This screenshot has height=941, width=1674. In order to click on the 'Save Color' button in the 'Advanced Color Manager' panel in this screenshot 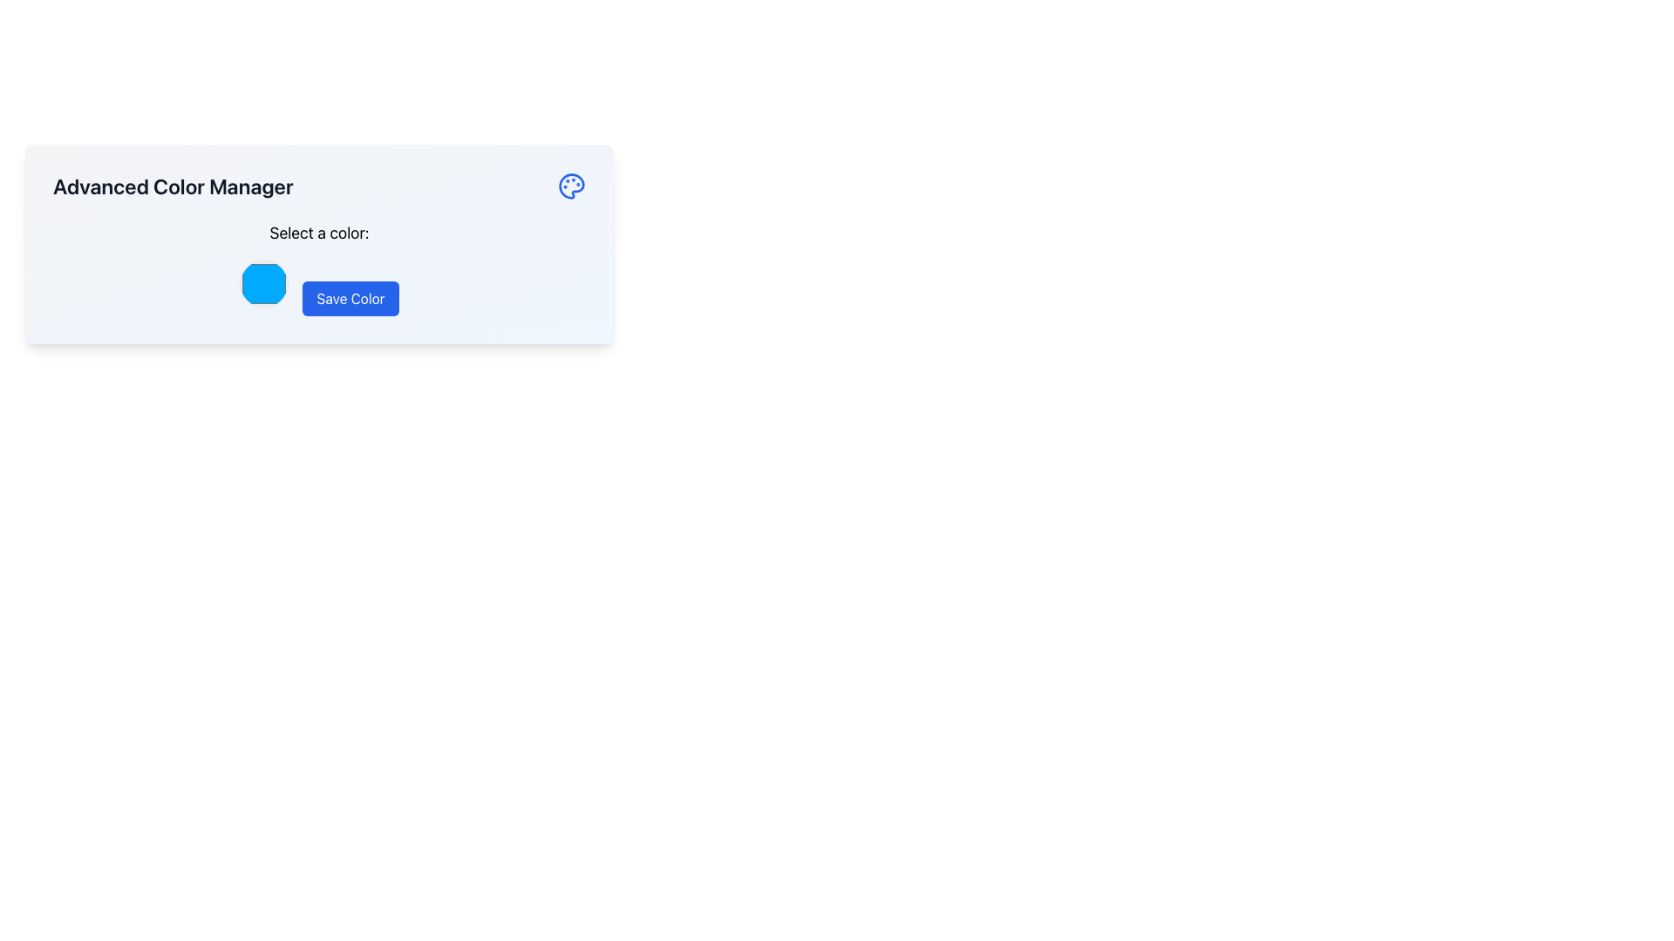, I will do `click(319, 268)`.